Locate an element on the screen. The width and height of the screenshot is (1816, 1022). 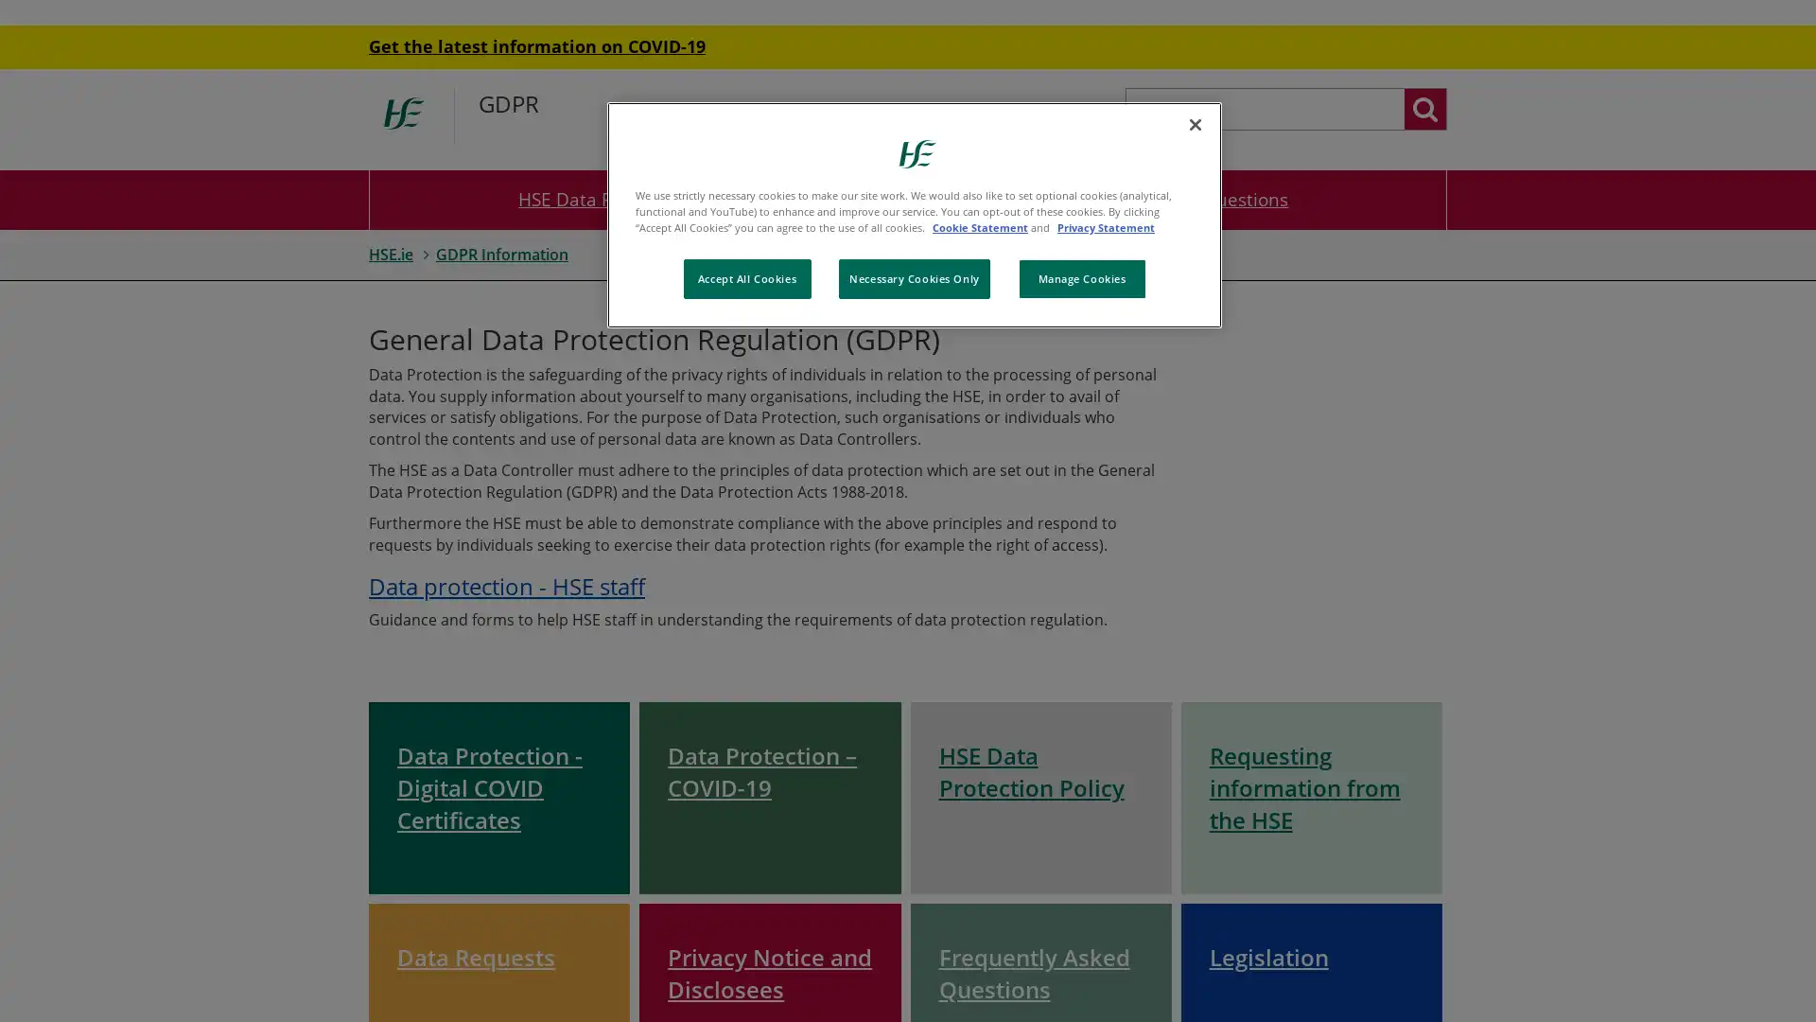
Manage Cookies is located at coordinates (1081, 278).